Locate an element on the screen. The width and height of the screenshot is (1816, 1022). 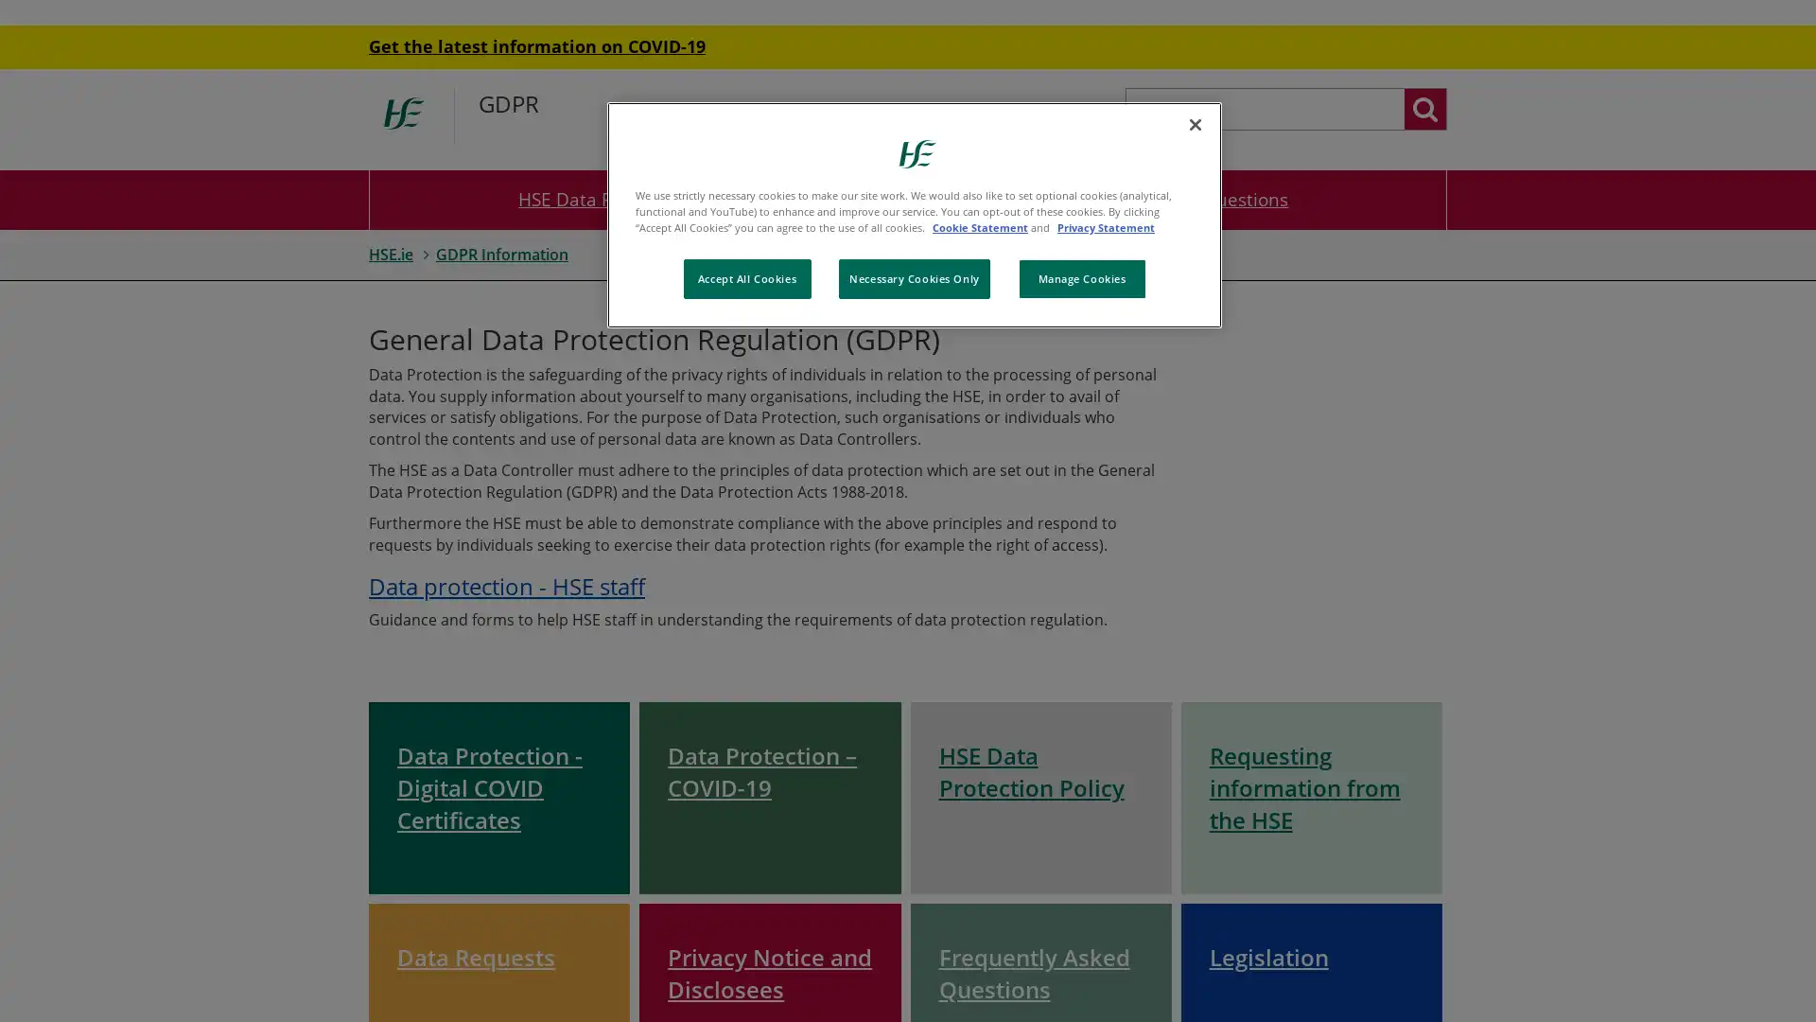
Manage Cookies is located at coordinates (1081, 278).